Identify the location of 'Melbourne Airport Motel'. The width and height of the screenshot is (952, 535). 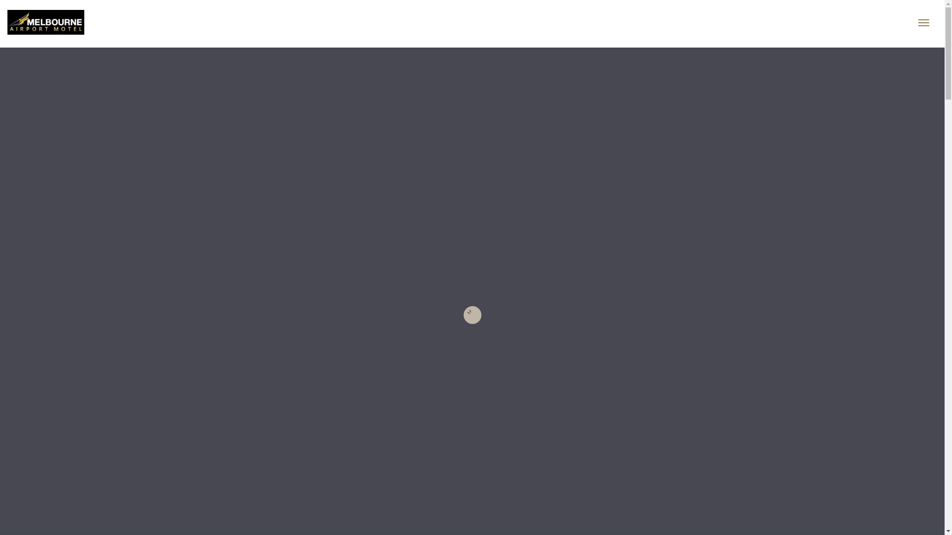
(78, 22).